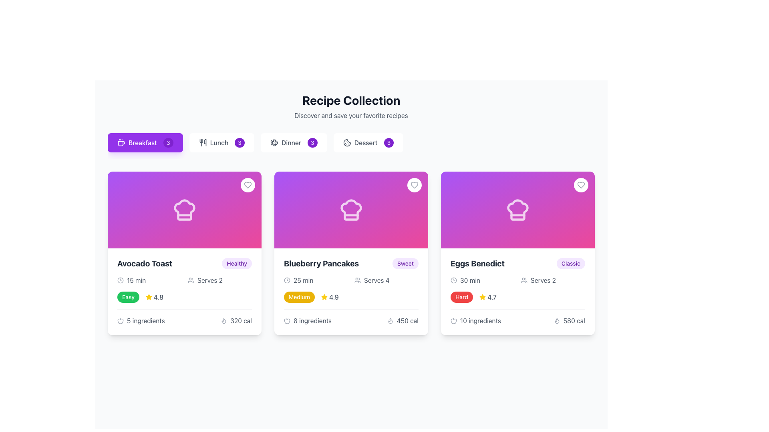 This screenshot has width=769, height=432. I want to click on the static text indicating the number of servings for the 'Avocado Toast' recipe, located in the middle of the bottom section of the recipe card, so click(210, 280).